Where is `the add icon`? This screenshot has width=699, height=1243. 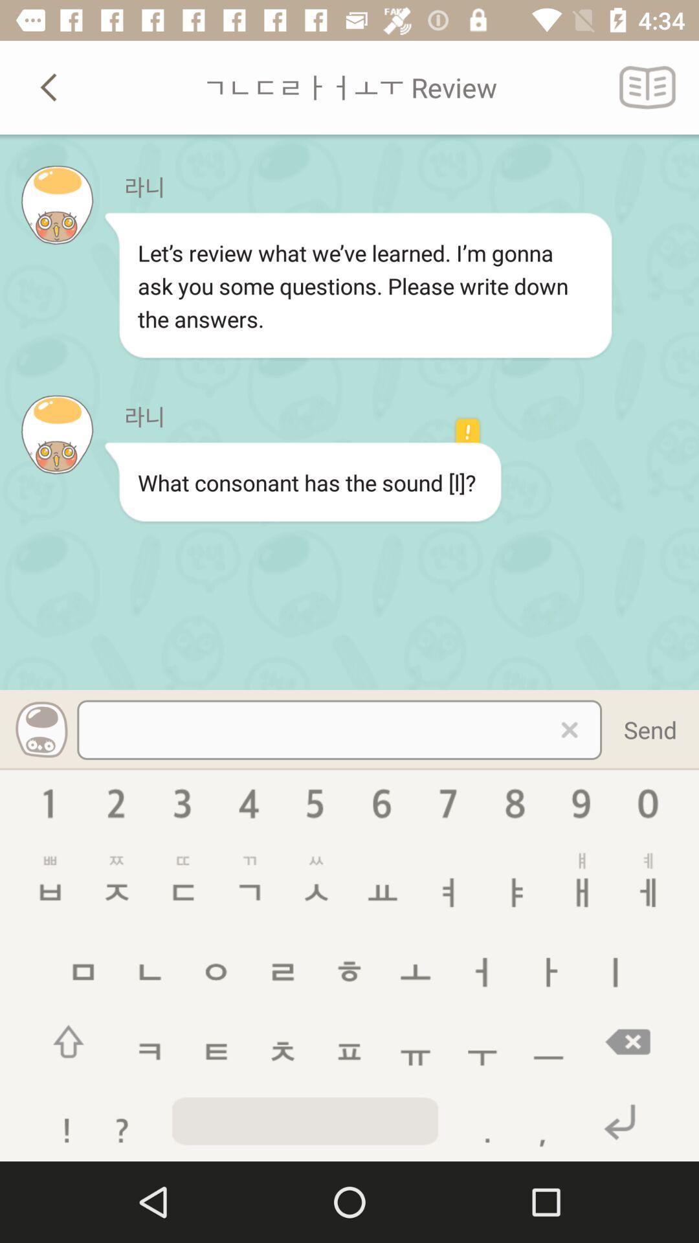 the add icon is located at coordinates (482, 1042).